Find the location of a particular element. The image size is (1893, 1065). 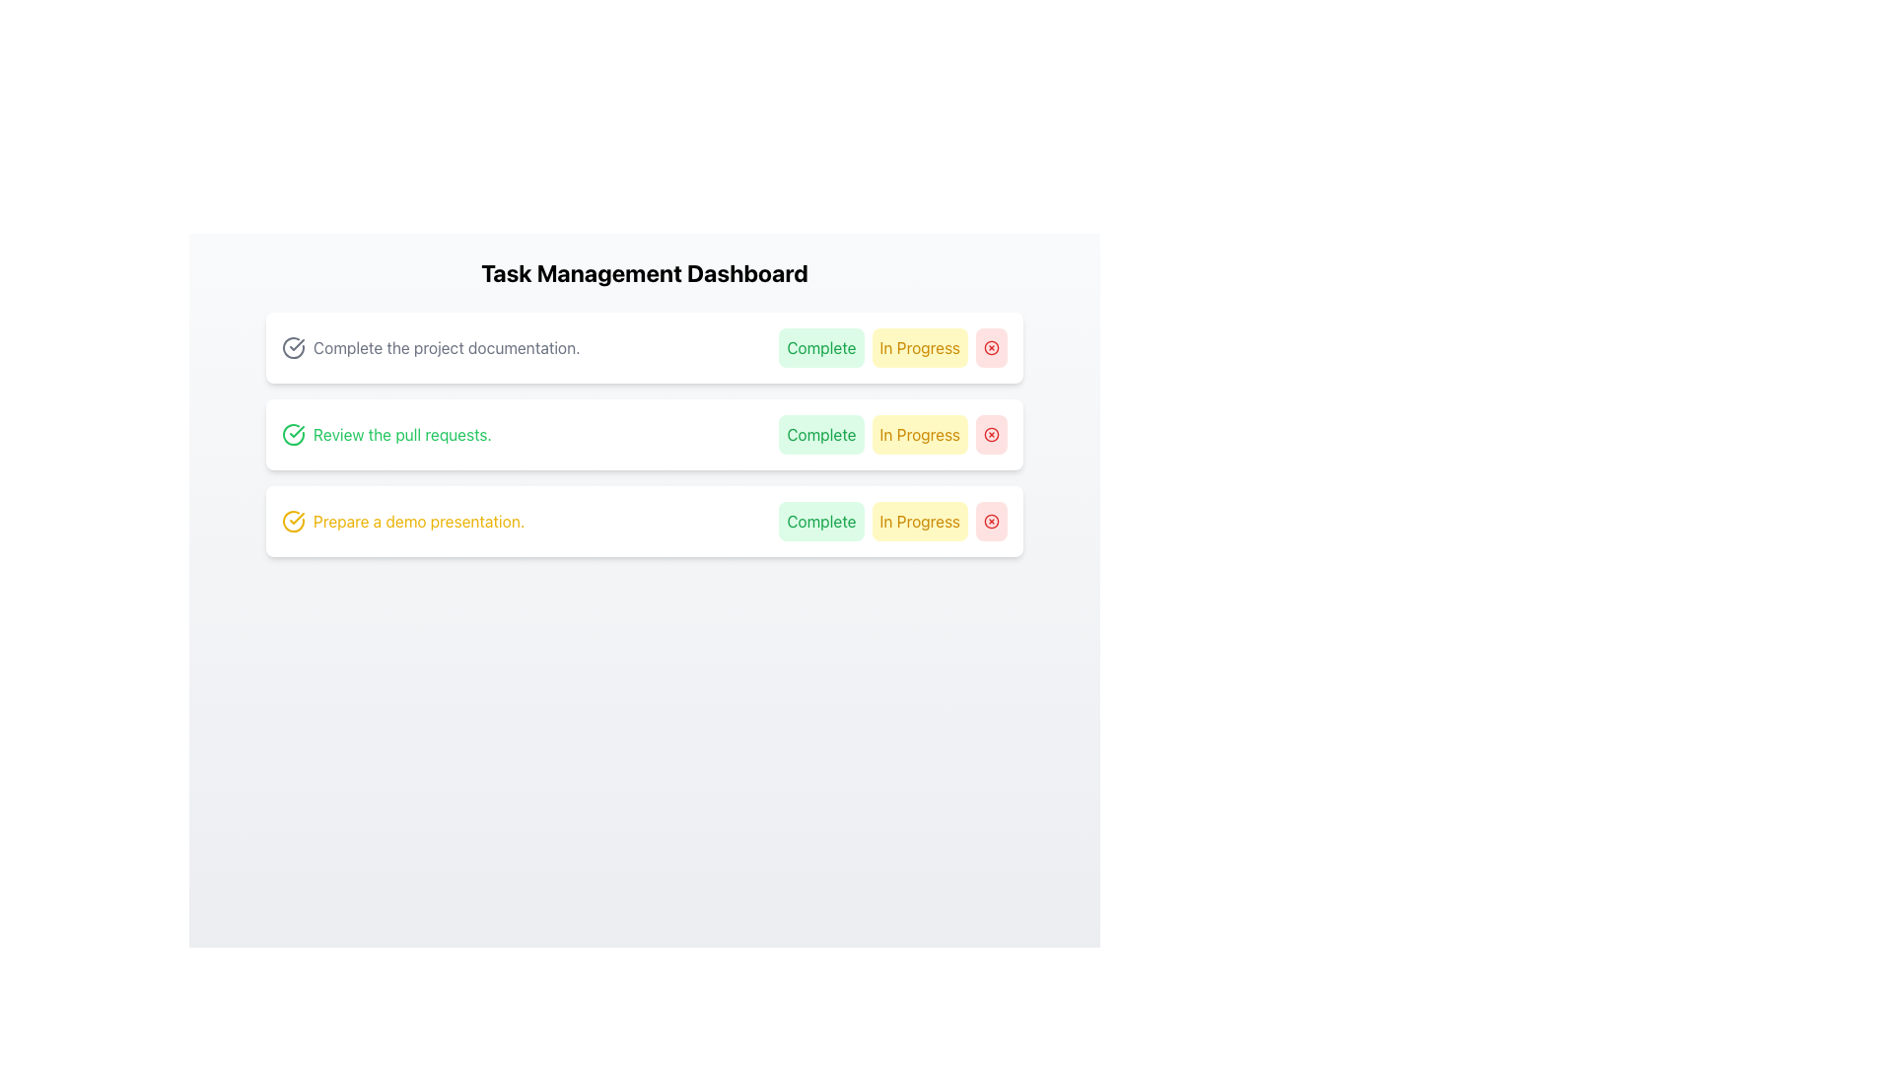

the circular green checkmark icon located at the beginning of the second task row titled 'Review the pull requests.' is located at coordinates (292, 433).